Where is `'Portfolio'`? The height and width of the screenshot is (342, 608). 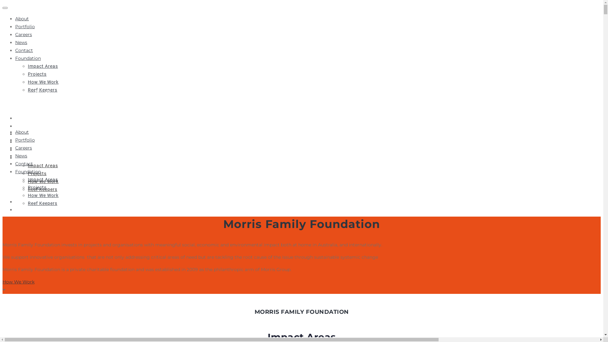 'Portfolio' is located at coordinates (25, 140).